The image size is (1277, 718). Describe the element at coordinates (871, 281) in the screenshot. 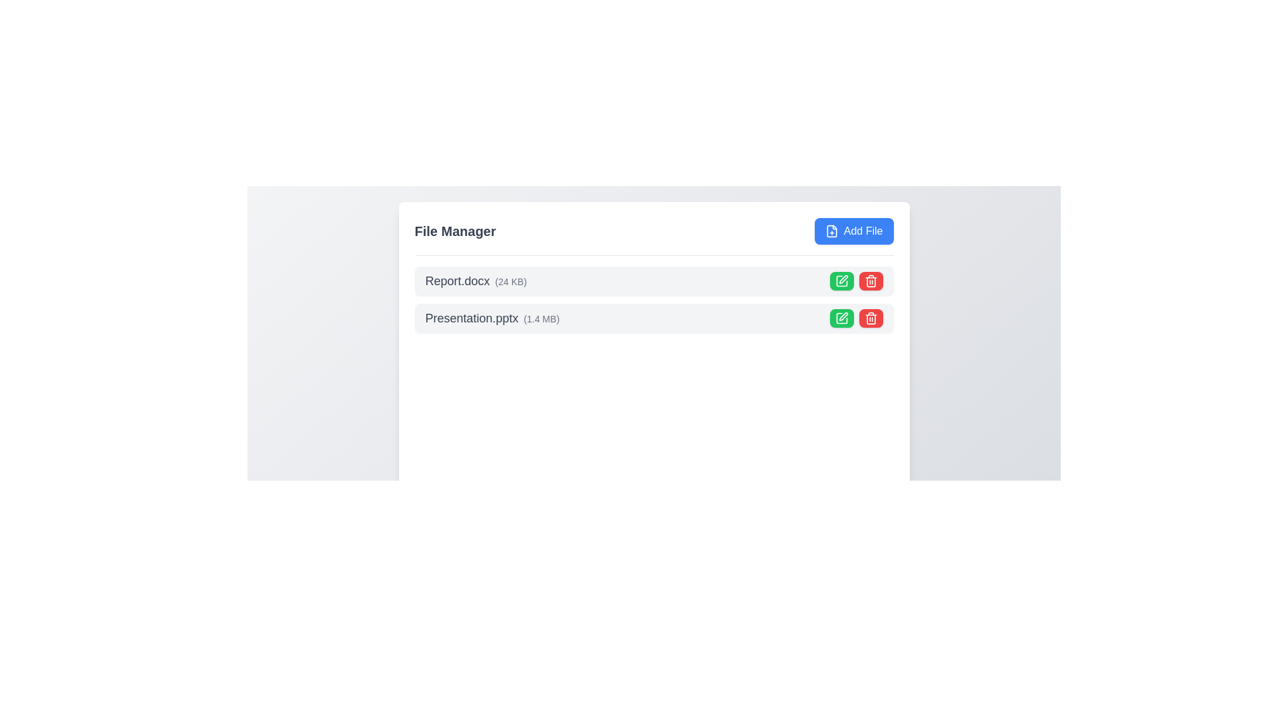

I see `the trash icon button with a red background located next to the 'Presentation.pptx' file listing` at that location.